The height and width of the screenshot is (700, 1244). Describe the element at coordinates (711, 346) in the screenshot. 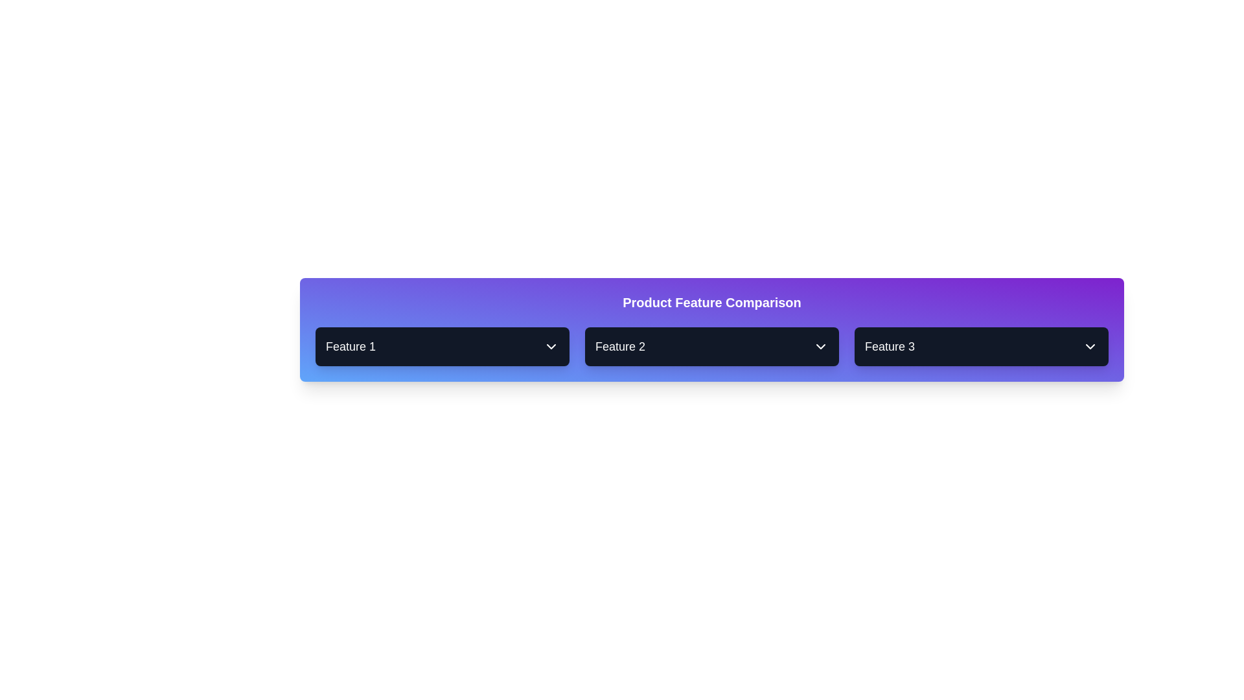

I see `the Interactive dropdown menu located` at that location.